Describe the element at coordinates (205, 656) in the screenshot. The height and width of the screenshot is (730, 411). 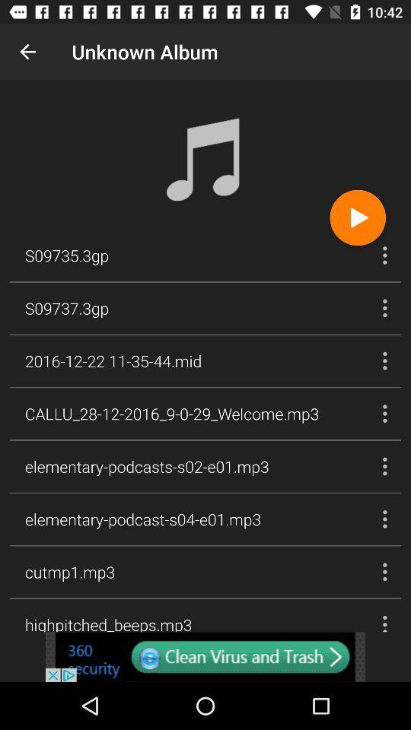
I see `clean virus and trash button` at that location.